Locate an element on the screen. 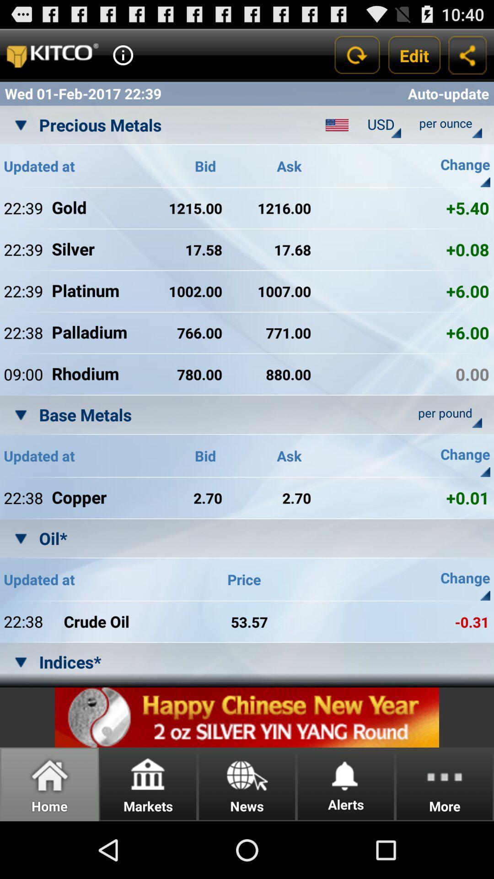  advertisement is located at coordinates (247, 717).